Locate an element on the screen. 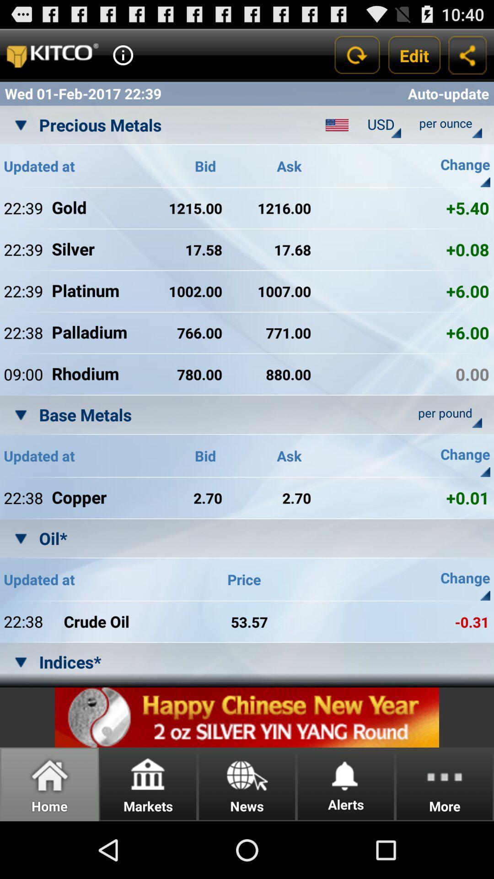  advertisement is located at coordinates (247, 717).